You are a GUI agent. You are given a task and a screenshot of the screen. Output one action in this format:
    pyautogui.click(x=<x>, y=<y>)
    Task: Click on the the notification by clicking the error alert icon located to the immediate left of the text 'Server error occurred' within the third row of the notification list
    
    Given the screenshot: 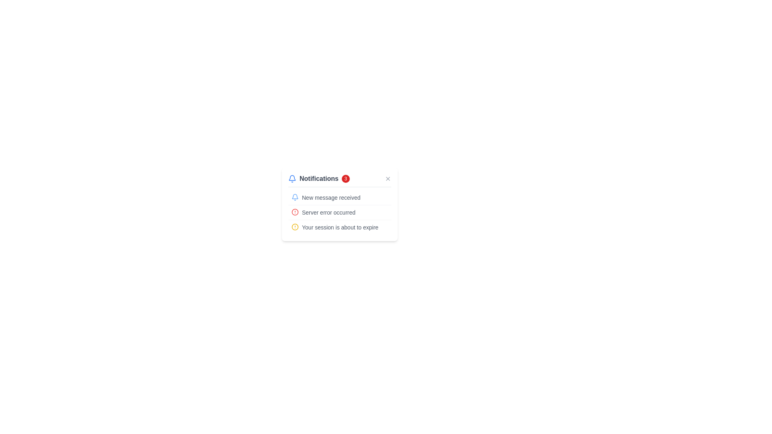 What is the action you would take?
    pyautogui.click(x=295, y=212)
    